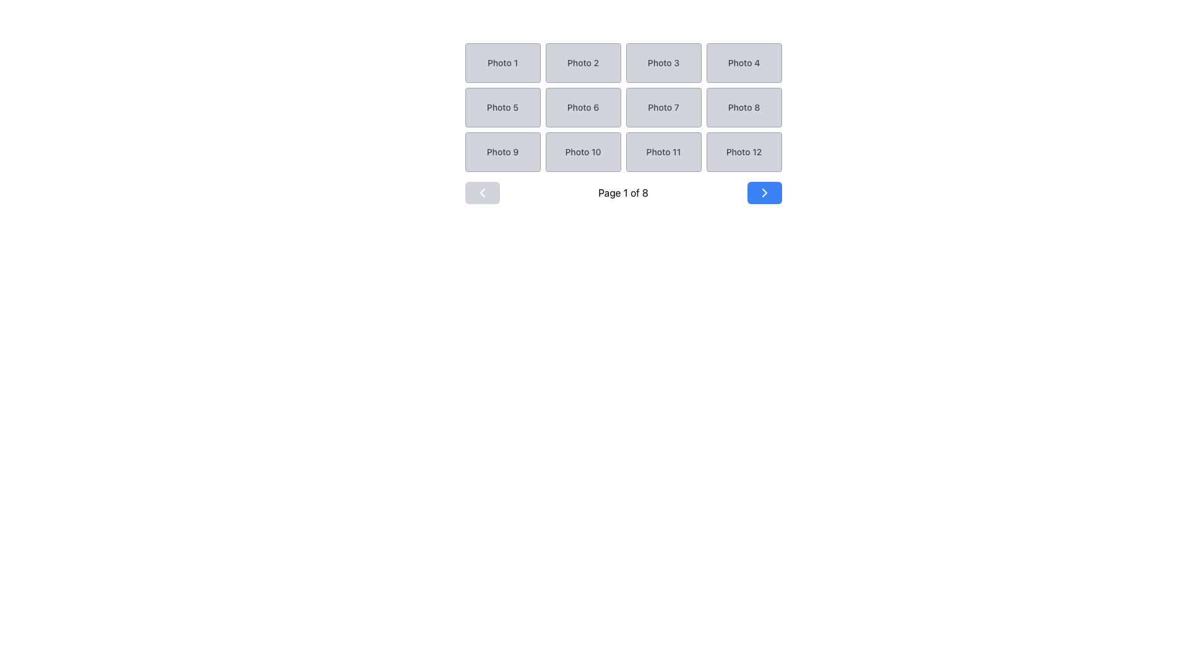 Image resolution: width=1188 pixels, height=668 pixels. Describe the element at coordinates (502, 152) in the screenshot. I see `the rectangular button labeled 'Photo 9' which has a light gray background and dark gray text, located in the third row and first column of the grid` at that location.